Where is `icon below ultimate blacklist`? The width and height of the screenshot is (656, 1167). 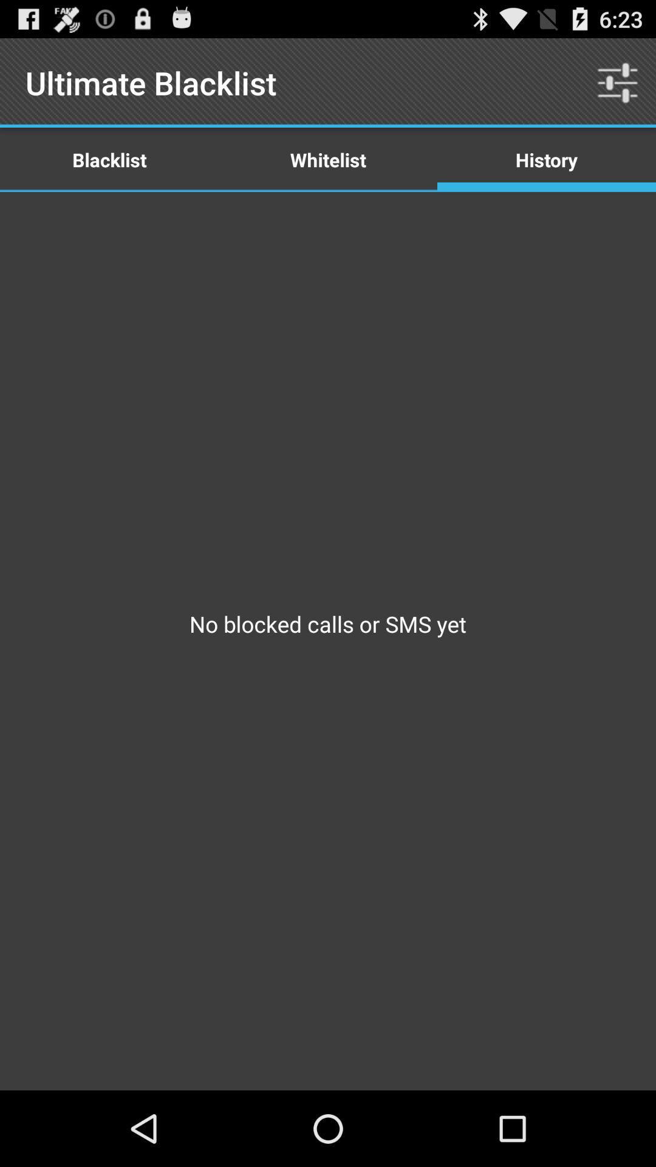 icon below ultimate blacklist is located at coordinates (328, 159).